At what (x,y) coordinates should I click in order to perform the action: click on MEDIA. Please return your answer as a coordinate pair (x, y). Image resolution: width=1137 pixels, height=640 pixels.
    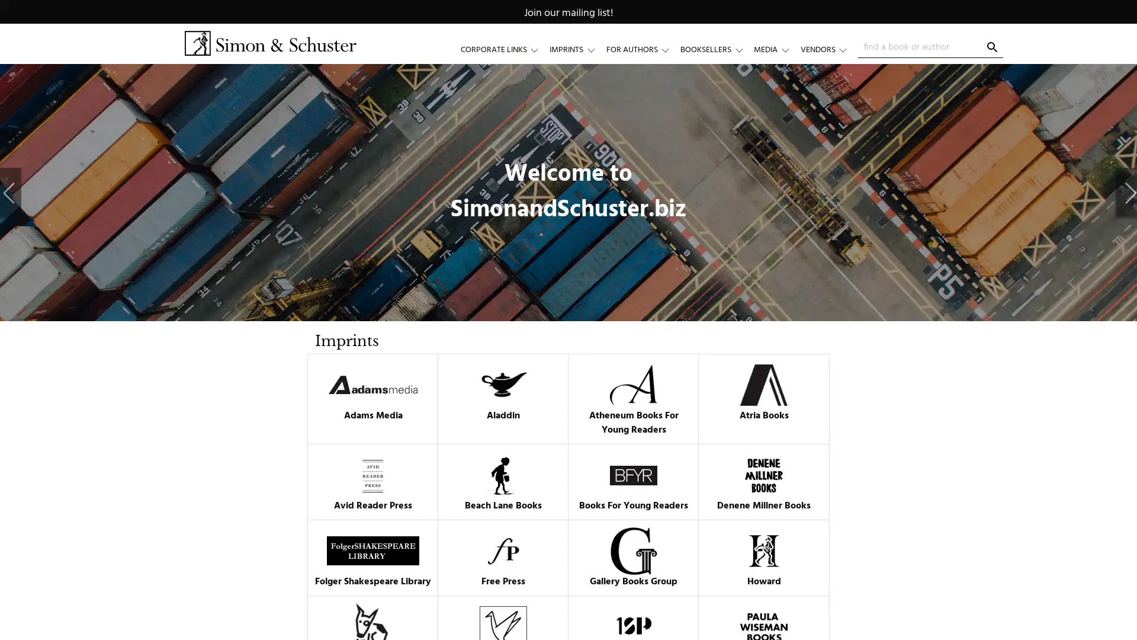
    Looking at the image, I should click on (776, 49).